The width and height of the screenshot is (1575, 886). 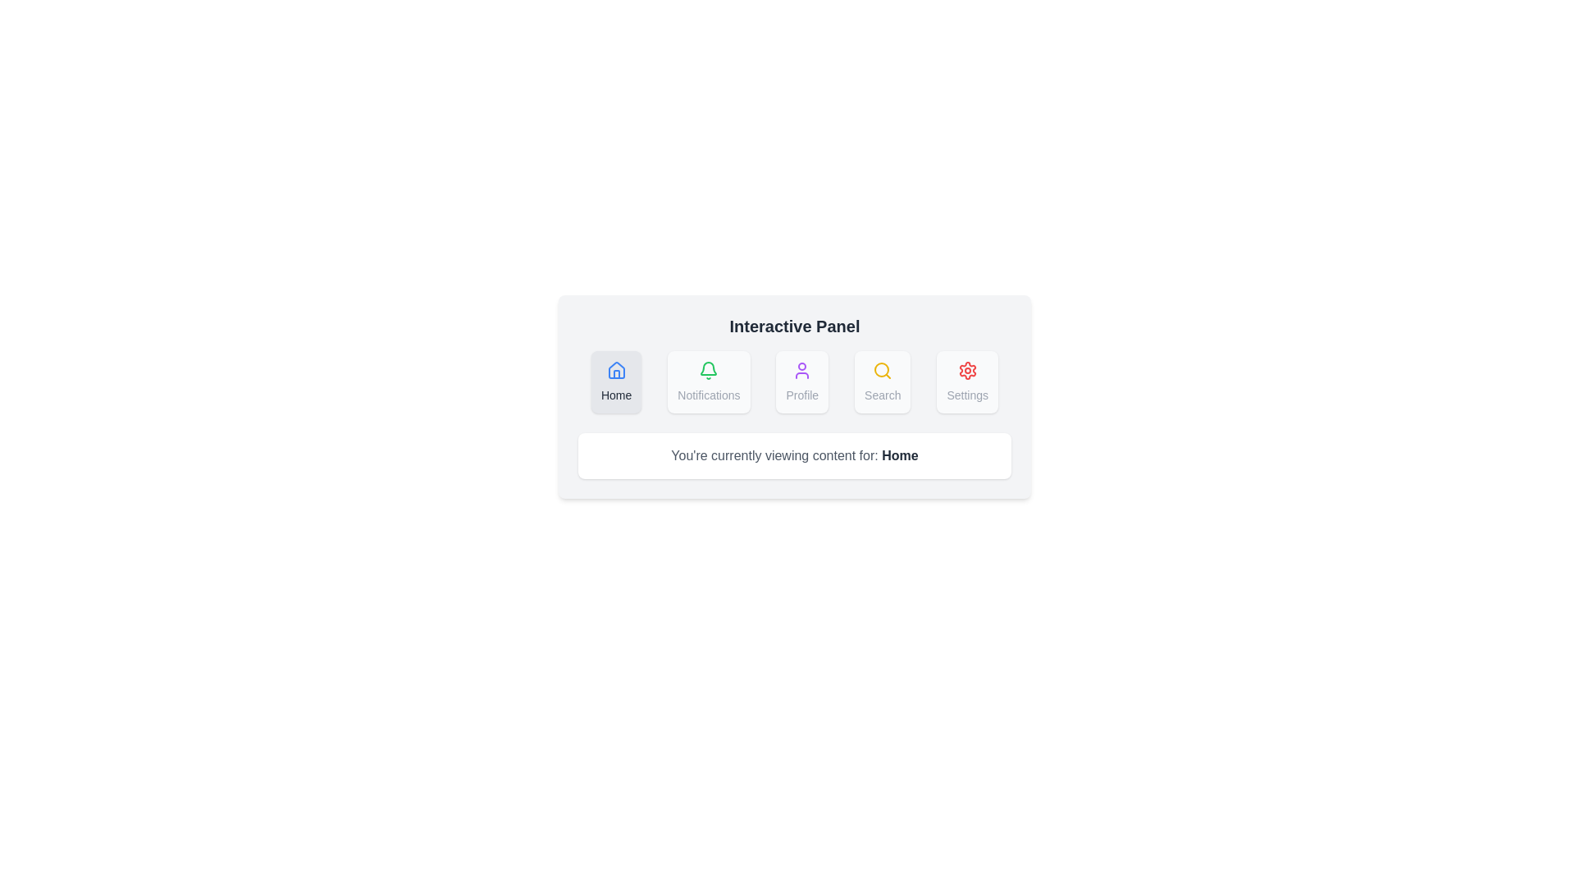 What do you see at coordinates (899, 455) in the screenshot?
I see `the Text label indicating the currently selected content, which displays 'Home' in the sentence 'You're currently viewing content for: Home'` at bounding box center [899, 455].